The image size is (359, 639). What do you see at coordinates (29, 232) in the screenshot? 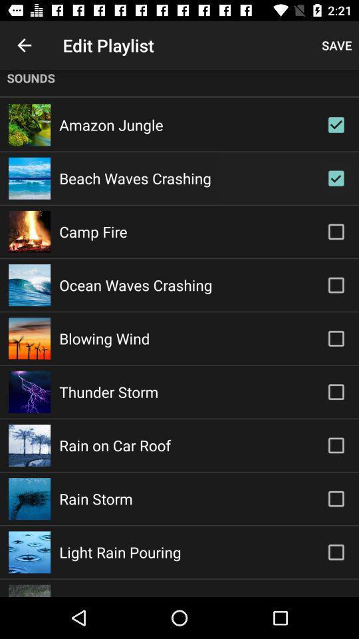
I see `the image beside camp fire` at bounding box center [29, 232].